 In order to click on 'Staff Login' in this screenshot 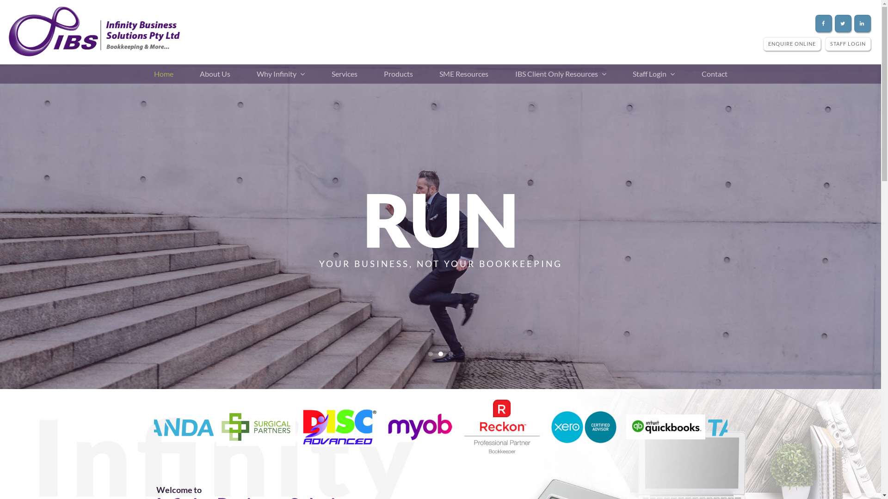, I will do `click(653, 73)`.